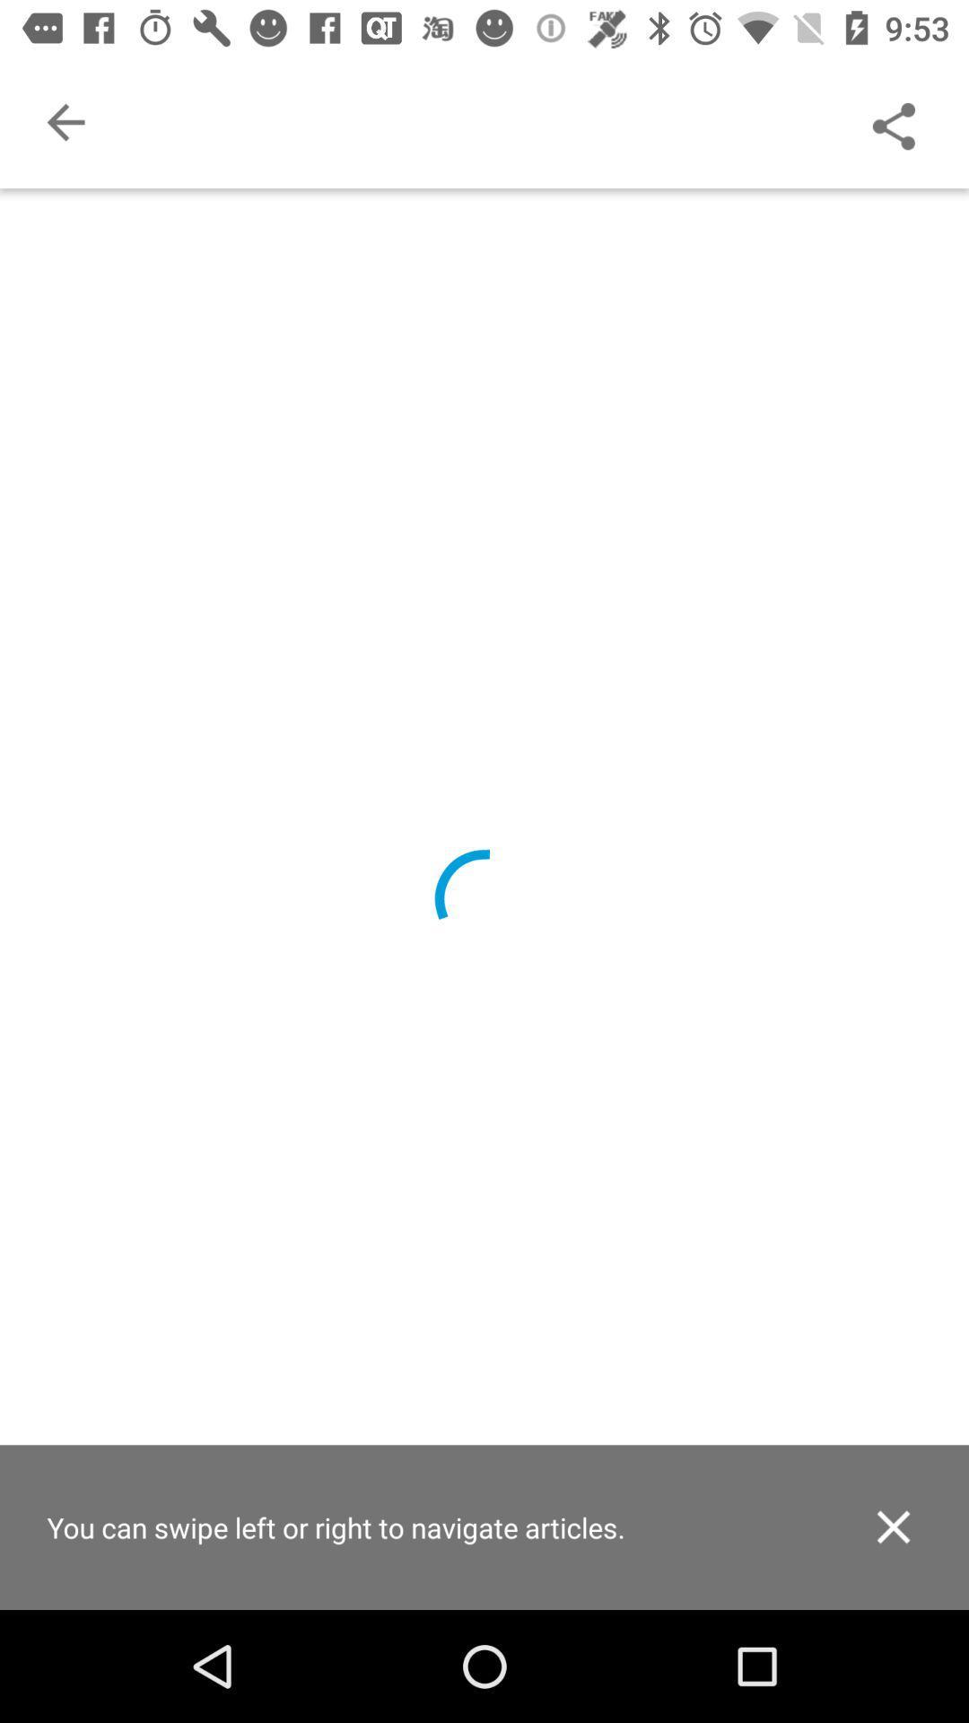 This screenshot has height=1723, width=969. I want to click on item to the right of you can swipe item, so click(893, 1526).